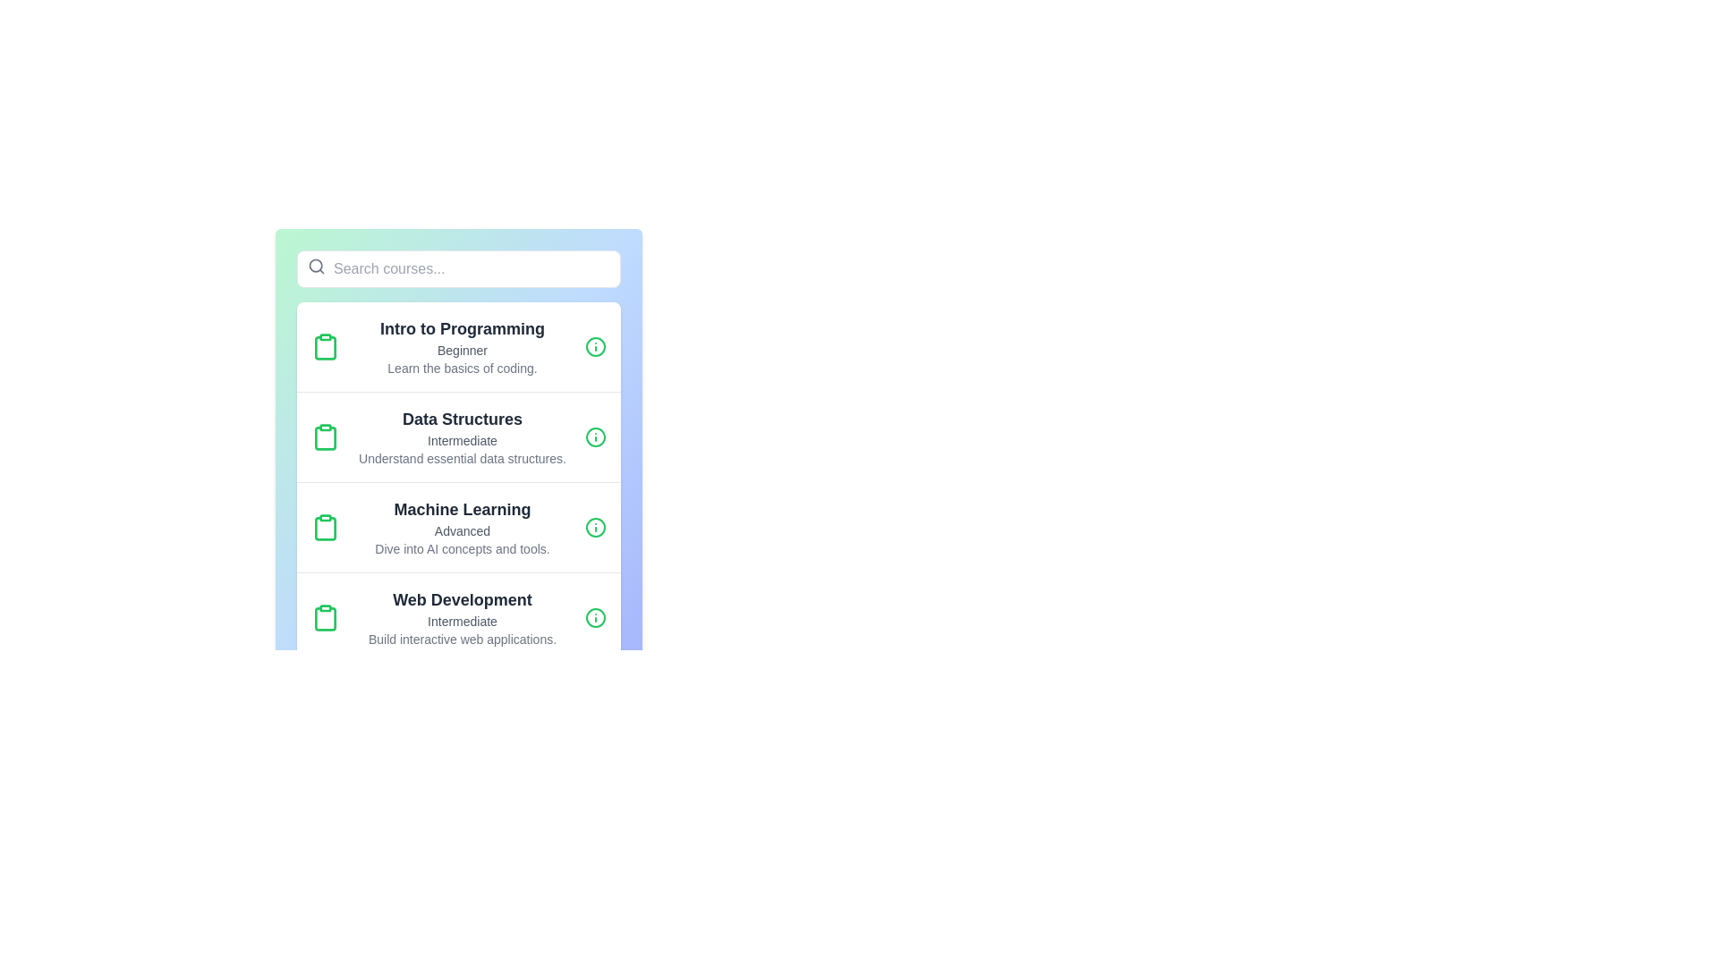  I want to click on the green clipboard icon associated with the 'Intro to Programming' course, which is located to the left of the course title in a vertical list, so click(326, 348).